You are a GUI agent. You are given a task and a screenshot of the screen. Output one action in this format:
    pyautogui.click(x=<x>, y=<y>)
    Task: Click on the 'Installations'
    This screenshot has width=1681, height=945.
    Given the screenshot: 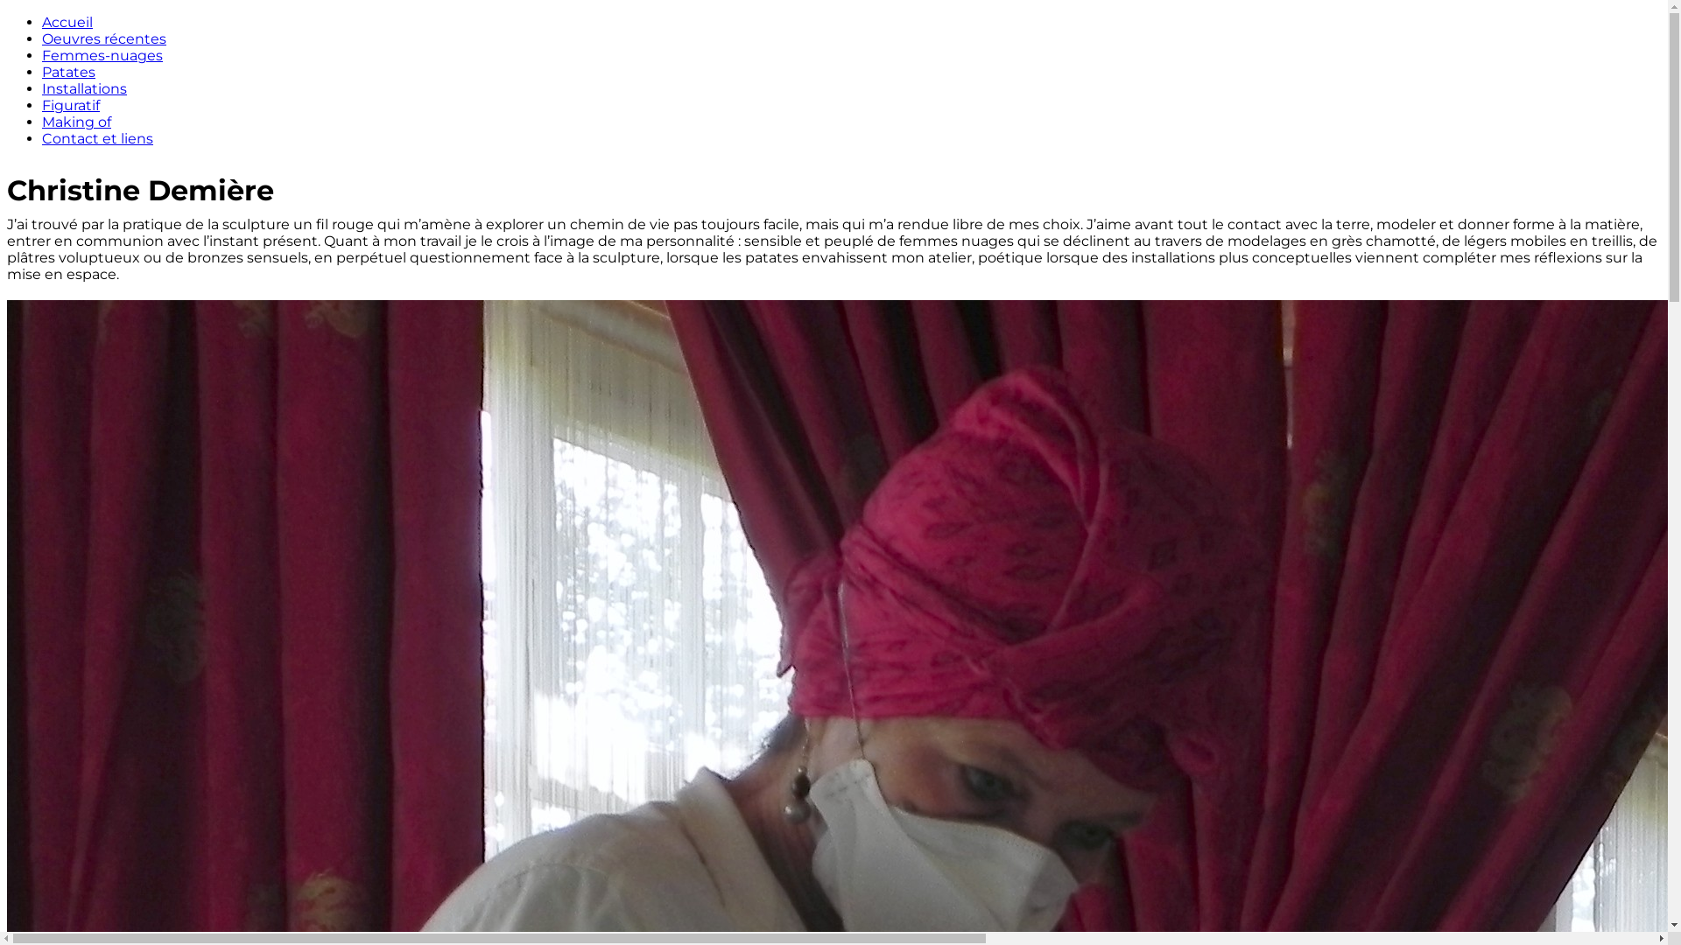 What is the action you would take?
    pyautogui.click(x=83, y=88)
    